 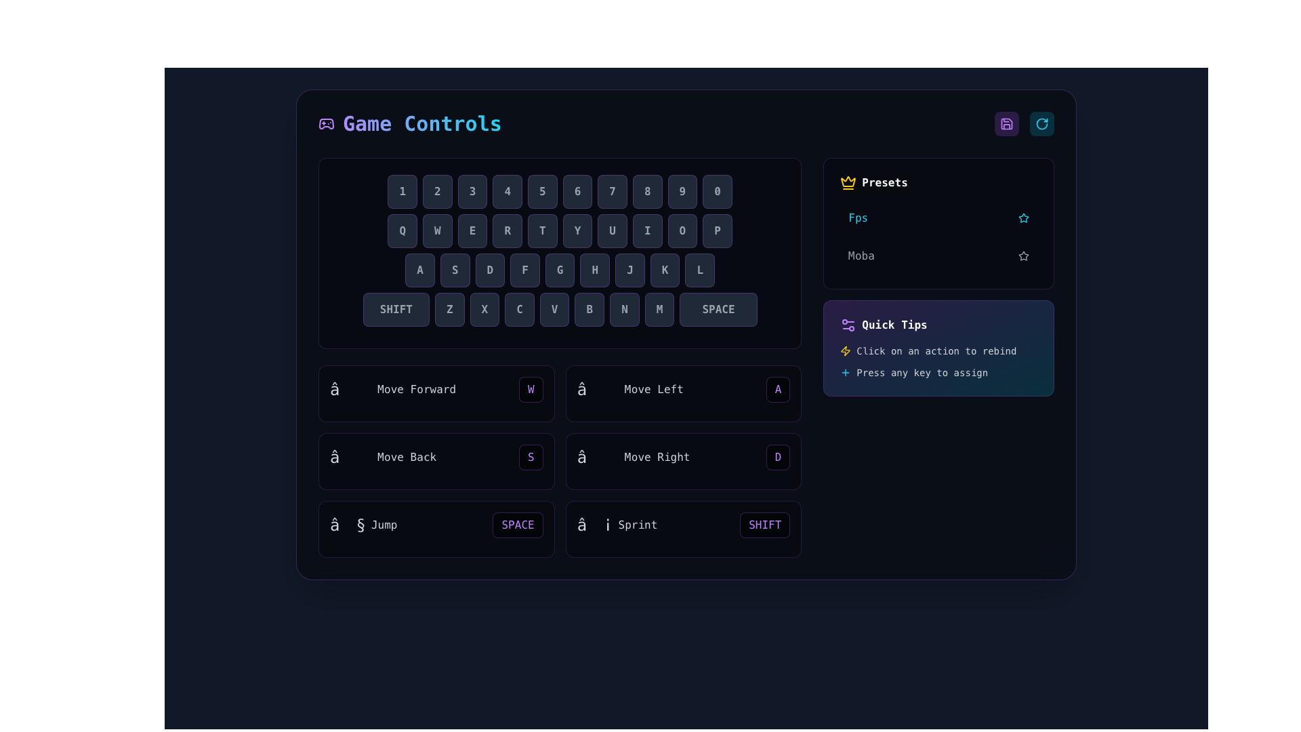 I want to click on the Text Label that displays an arrow symbol followed by the text 'Move Right', located in the lower middle part of the directional controls grid, so click(x=633, y=457).